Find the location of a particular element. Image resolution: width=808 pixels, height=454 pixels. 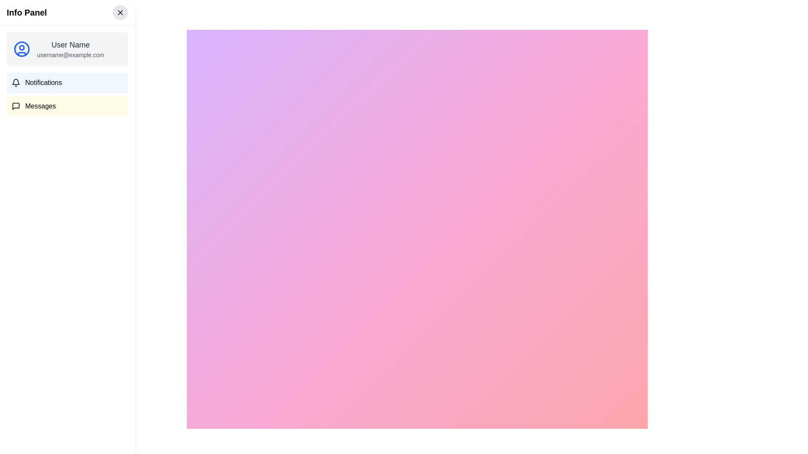

the message bubble icon located to the left of the 'Messages' text in the vertical menu is located at coordinates (16, 106).